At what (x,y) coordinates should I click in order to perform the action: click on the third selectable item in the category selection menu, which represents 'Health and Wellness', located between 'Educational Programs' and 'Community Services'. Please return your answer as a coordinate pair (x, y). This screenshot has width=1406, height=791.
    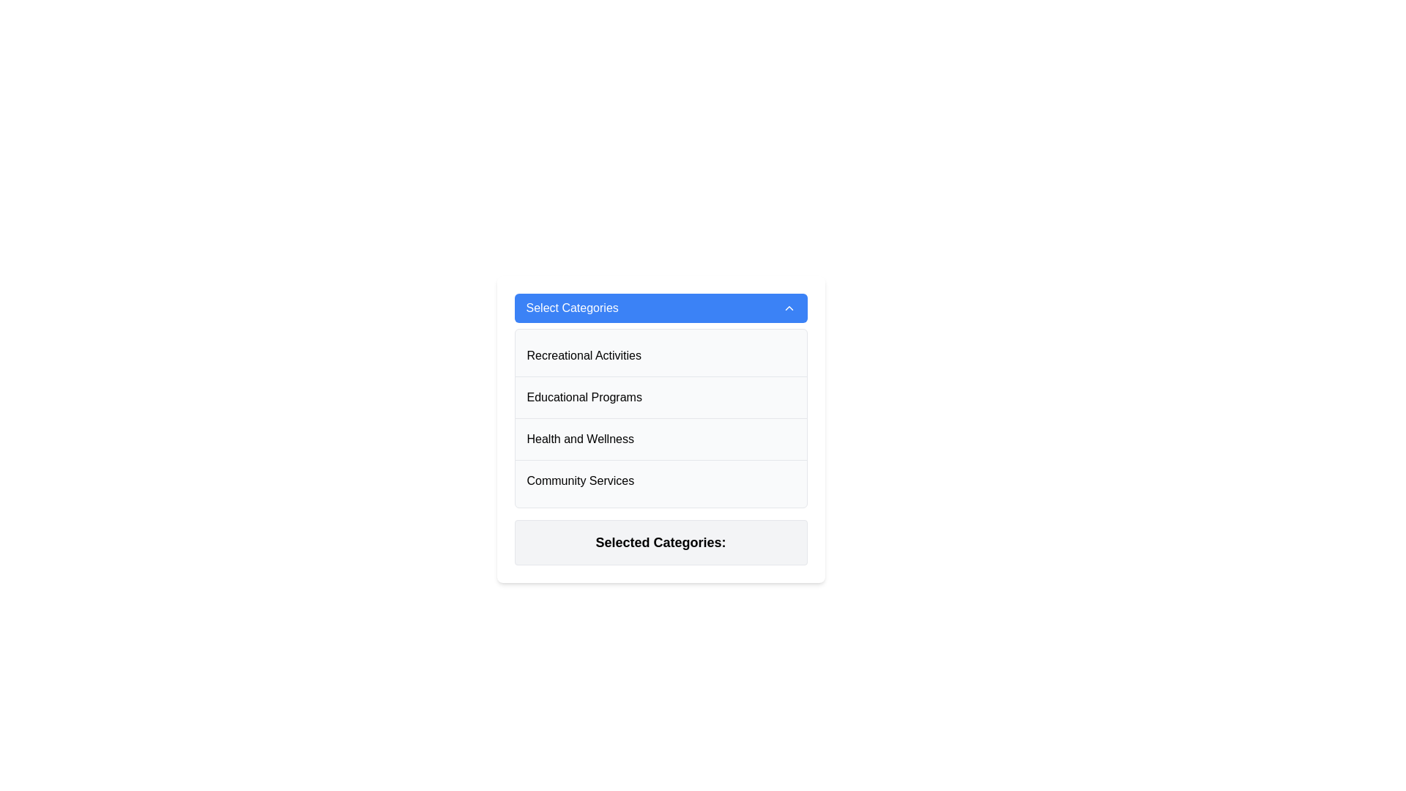
    Looking at the image, I should click on (660, 428).